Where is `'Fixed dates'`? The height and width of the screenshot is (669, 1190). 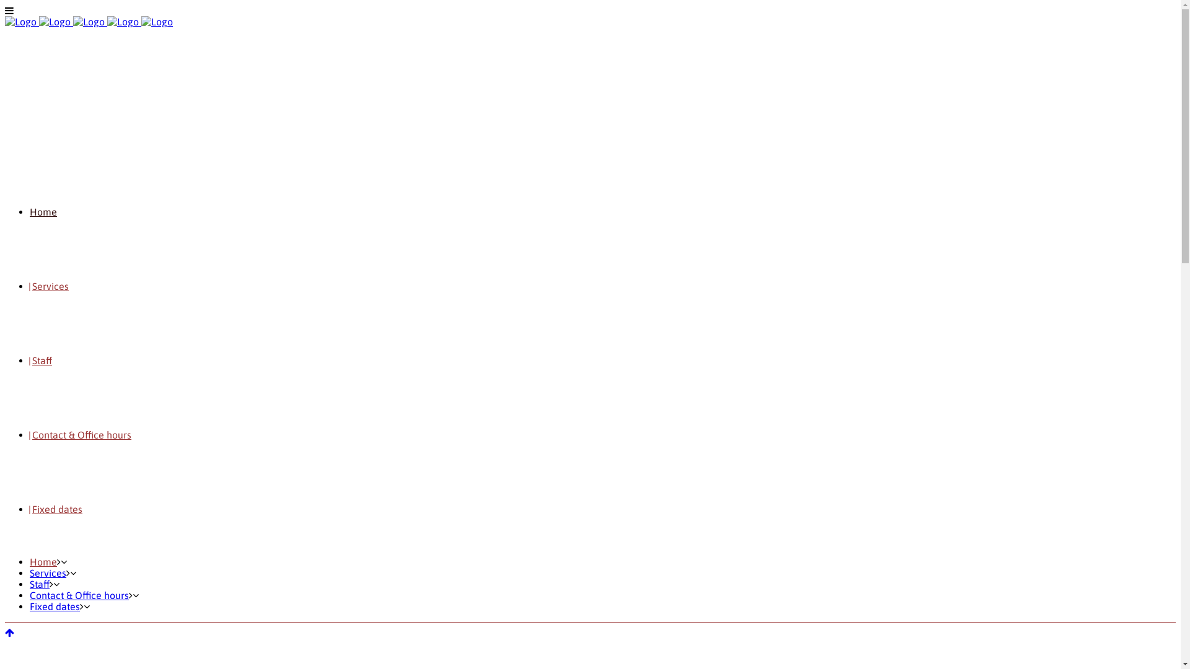 'Fixed dates' is located at coordinates (56, 509).